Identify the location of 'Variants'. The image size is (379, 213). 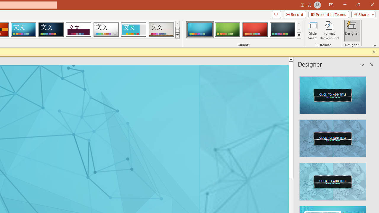
(299, 35).